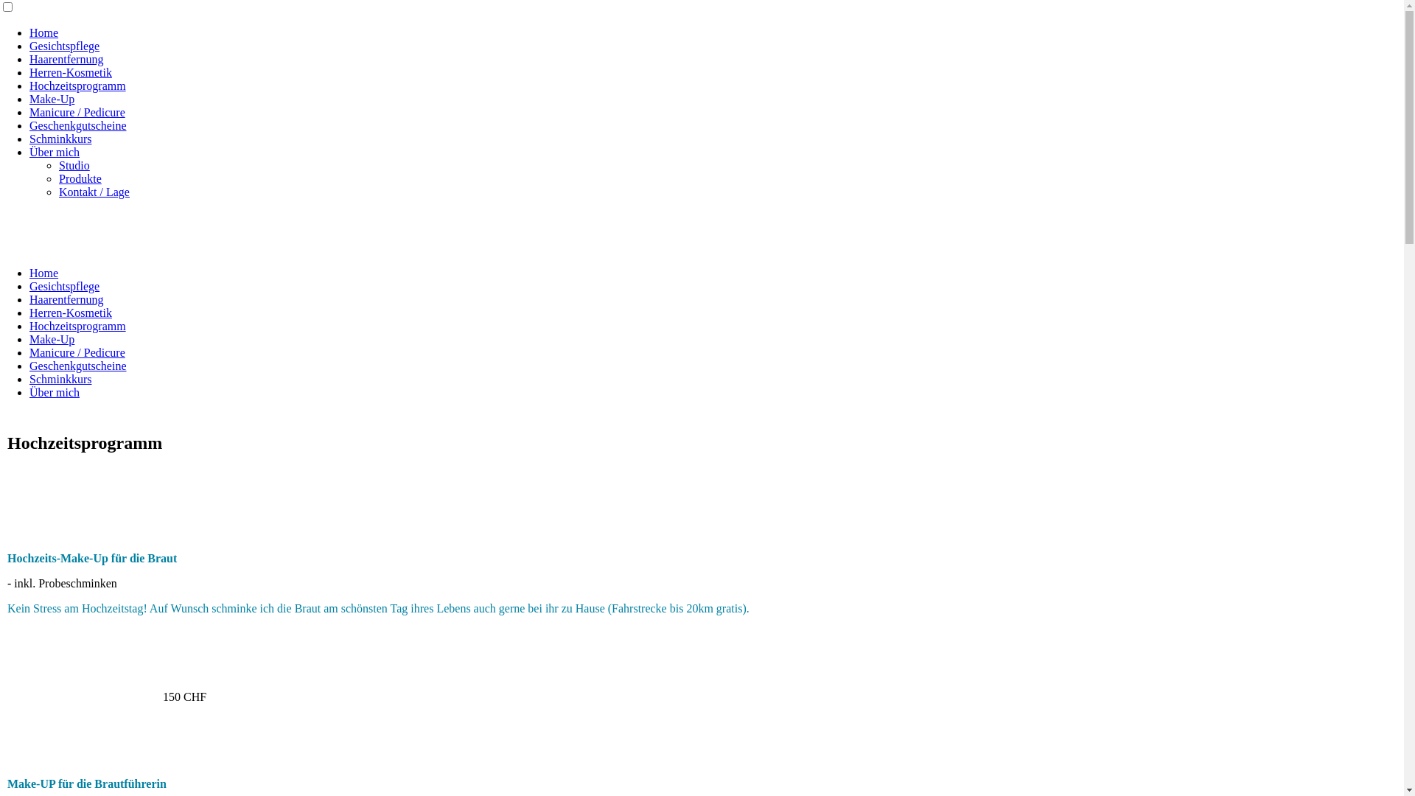  I want to click on 'Studio', so click(73, 165).